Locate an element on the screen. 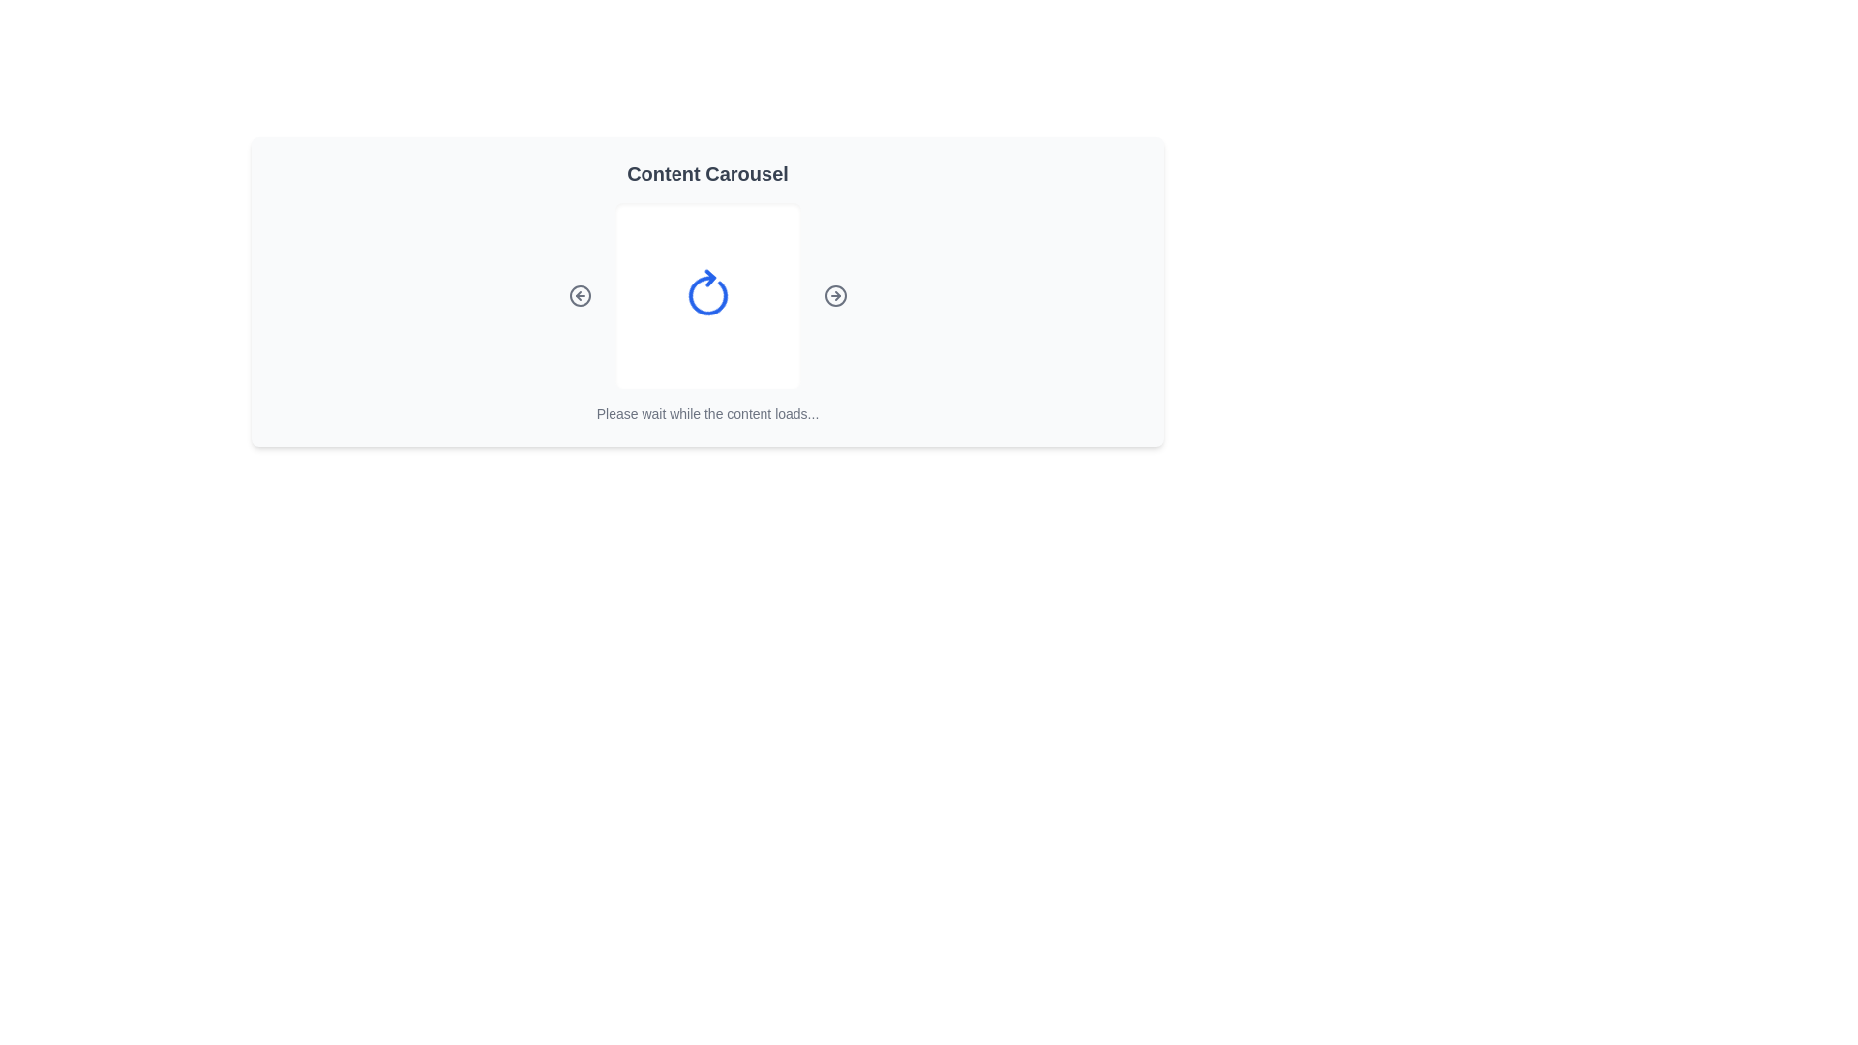  the rightmost navigation button that transitions to the next item in a carousel to change its color is located at coordinates (835, 295).